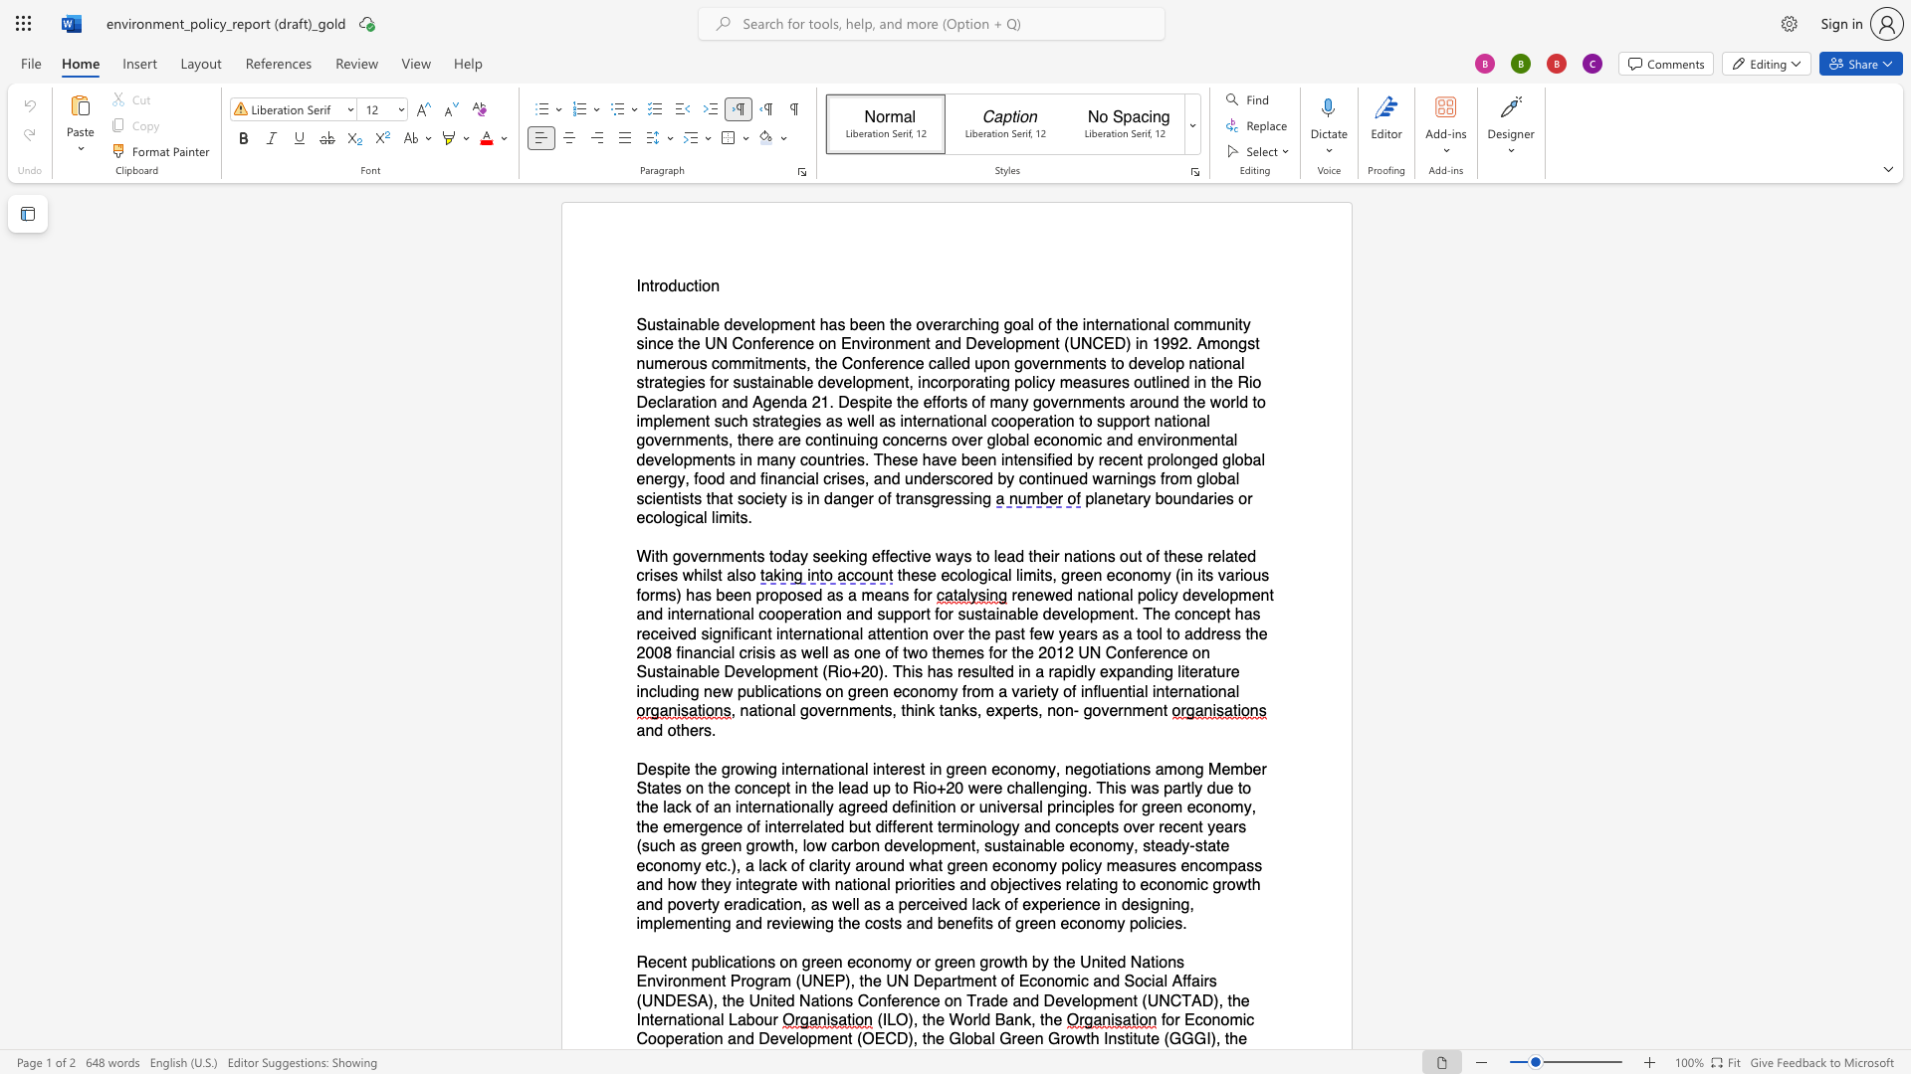 The width and height of the screenshot is (1911, 1074). What do you see at coordinates (673, 286) in the screenshot?
I see `the 1th character "d" in the text` at bounding box center [673, 286].